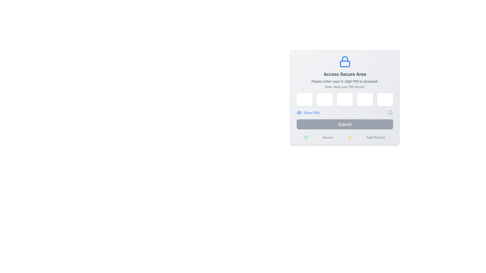  What do you see at coordinates (350, 137) in the screenshot?
I see `the second icon that visually represents speed or efficiency, located between the labels 'Secure.' and 'Fast Process.'` at bounding box center [350, 137].